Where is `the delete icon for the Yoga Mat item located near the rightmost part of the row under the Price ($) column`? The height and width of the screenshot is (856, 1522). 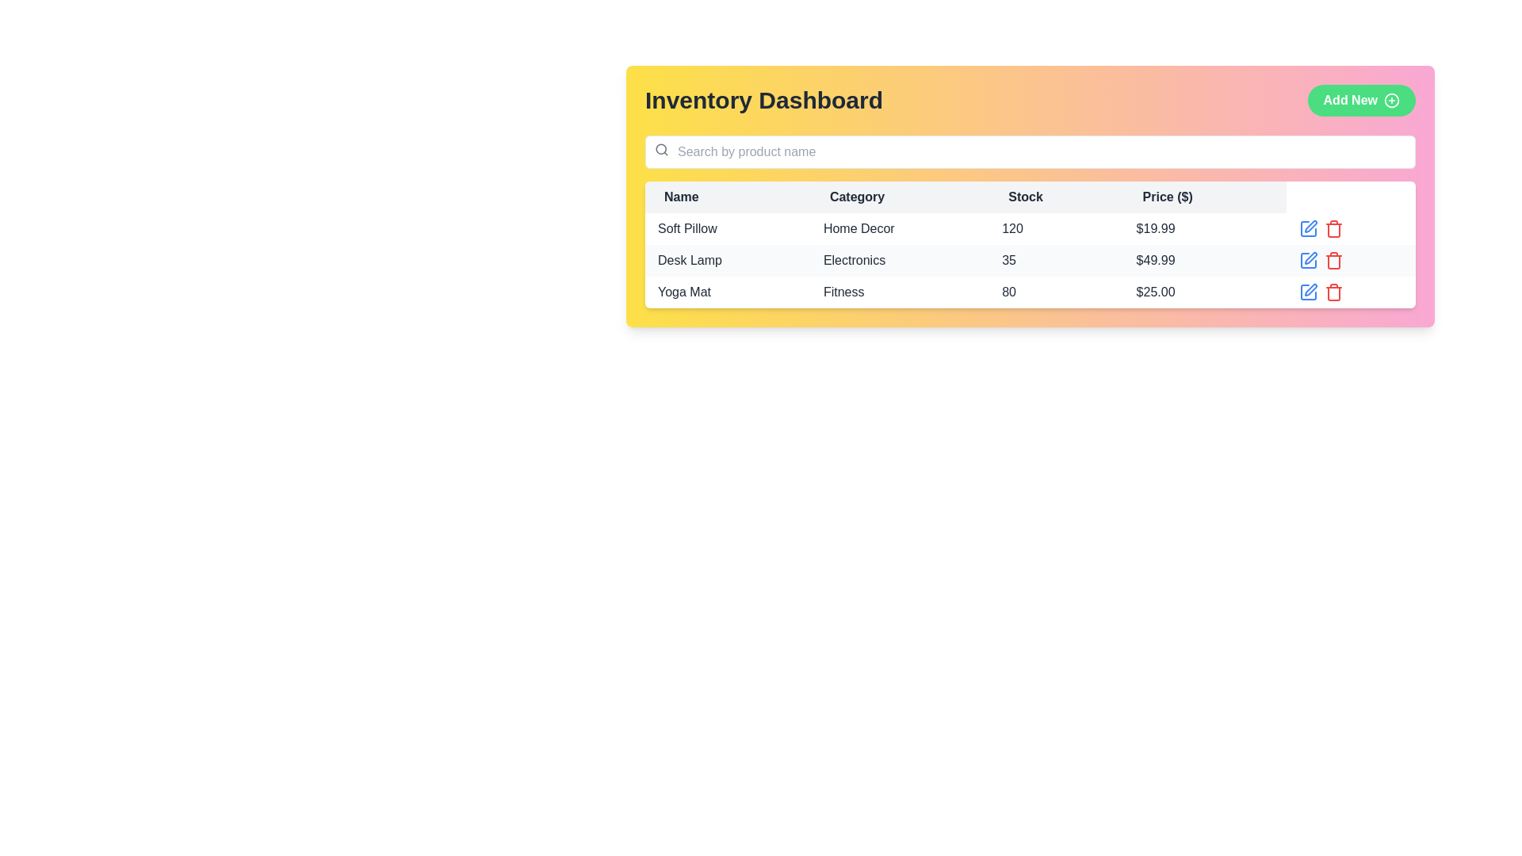
the delete icon for the Yoga Mat item located near the rightmost part of the row under the Price ($) column is located at coordinates (1333, 293).